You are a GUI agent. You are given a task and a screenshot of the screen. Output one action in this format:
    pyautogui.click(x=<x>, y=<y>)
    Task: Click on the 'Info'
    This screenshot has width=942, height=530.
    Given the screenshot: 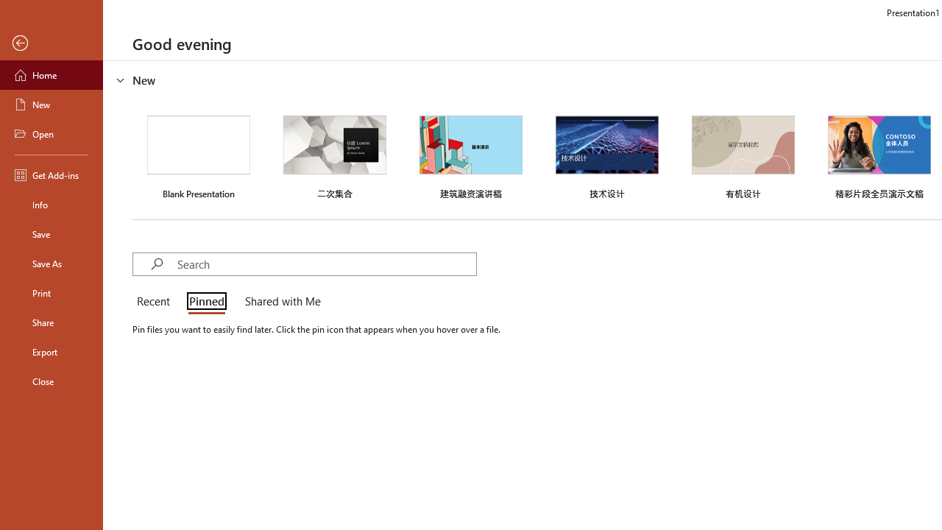 What is the action you would take?
    pyautogui.click(x=51, y=204)
    